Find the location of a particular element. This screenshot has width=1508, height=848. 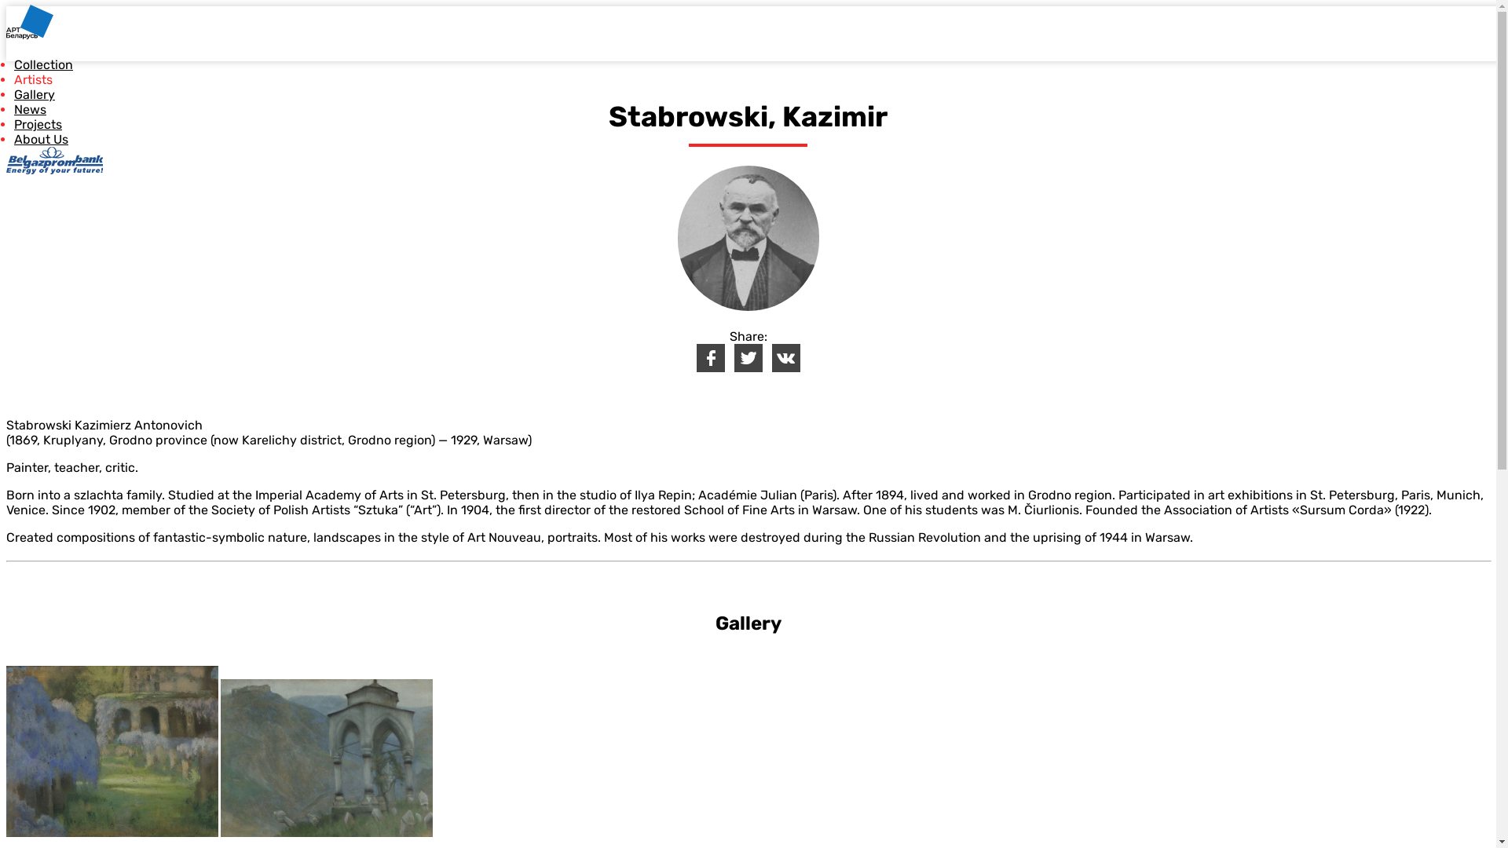

'News' is located at coordinates (30, 108).